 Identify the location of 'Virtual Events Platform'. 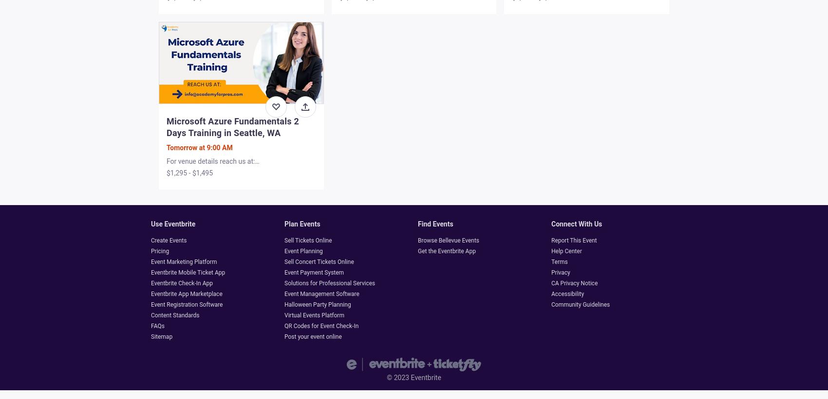
(283, 315).